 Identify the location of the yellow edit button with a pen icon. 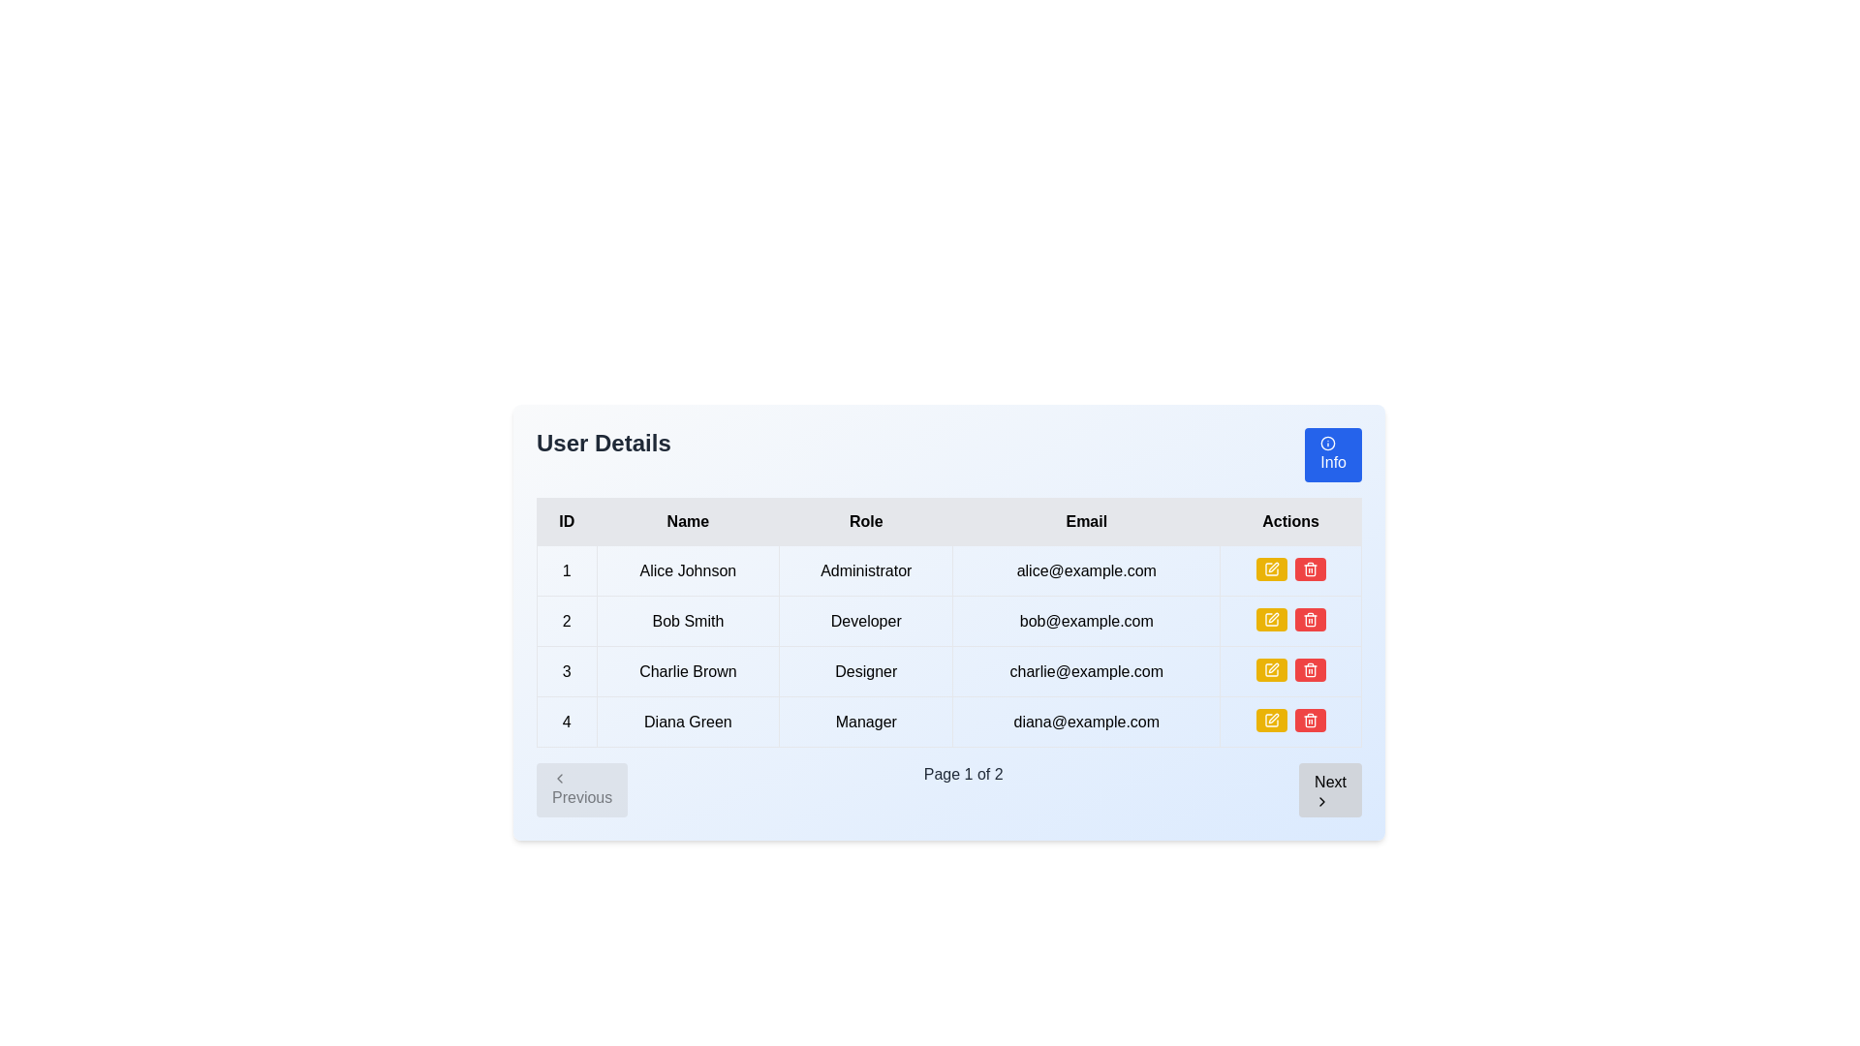
(1271, 668).